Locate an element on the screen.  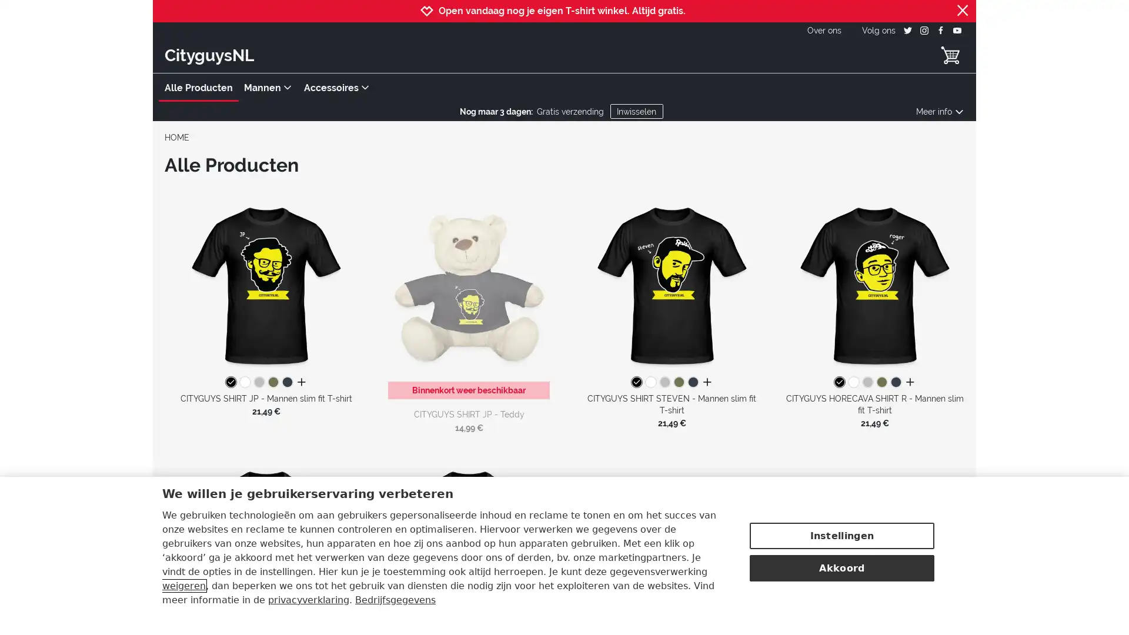
zwart is located at coordinates (231, 383).